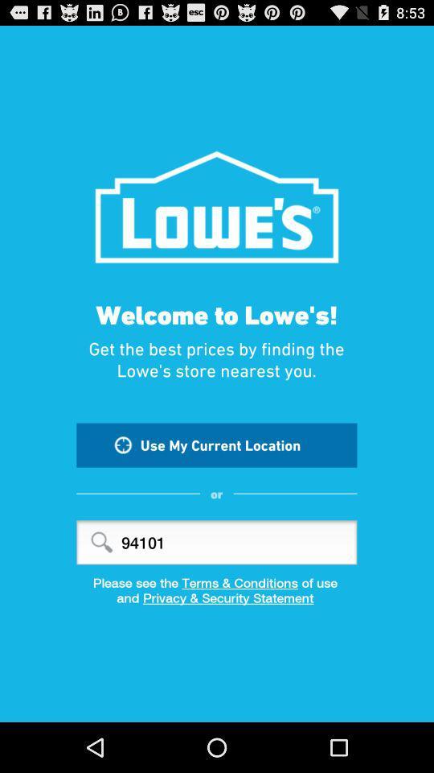  What do you see at coordinates (217, 581) in the screenshot?
I see `the item below the 94101 icon` at bounding box center [217, 581].